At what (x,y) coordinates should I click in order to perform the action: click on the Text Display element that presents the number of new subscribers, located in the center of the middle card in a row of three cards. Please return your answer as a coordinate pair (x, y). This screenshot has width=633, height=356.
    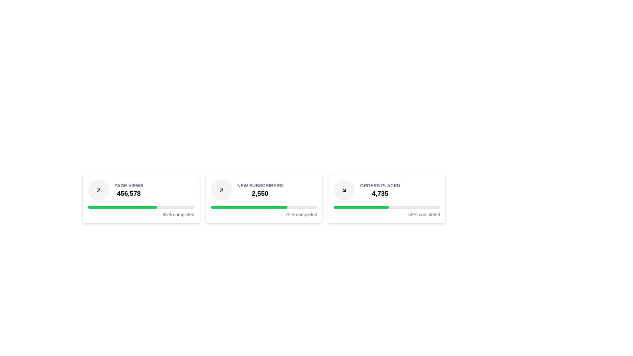
    Looking at the image, I should click on (259, 190).